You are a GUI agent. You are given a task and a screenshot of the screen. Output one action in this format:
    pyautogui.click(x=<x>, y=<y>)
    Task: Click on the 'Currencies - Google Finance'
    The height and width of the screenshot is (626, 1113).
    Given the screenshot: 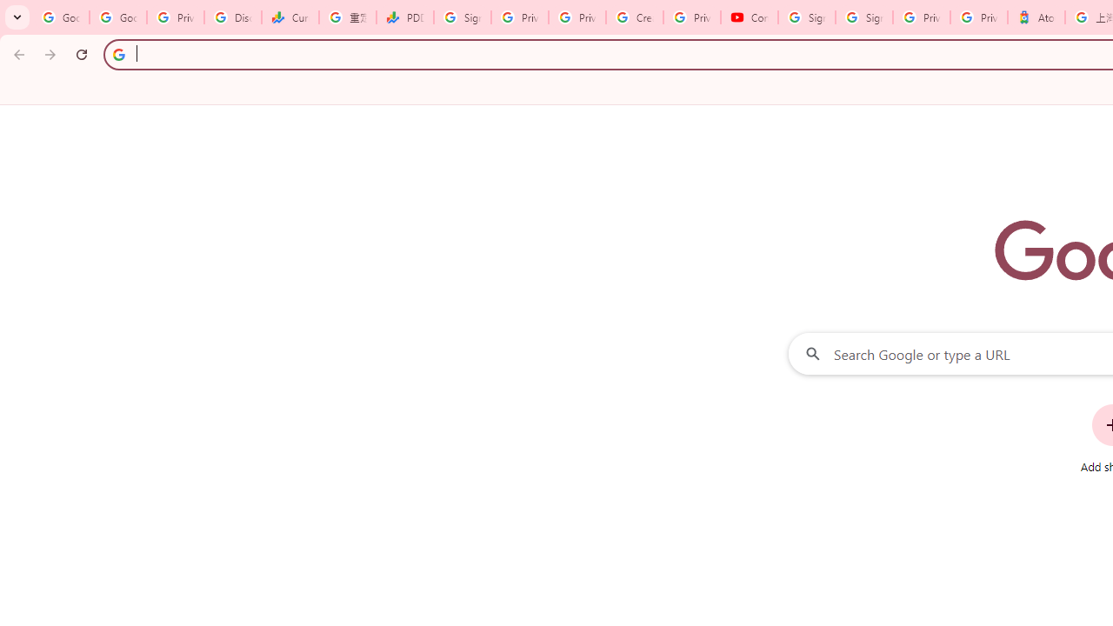 What is the action you would take?
    pyautogui.click(x=290, y=17)
    